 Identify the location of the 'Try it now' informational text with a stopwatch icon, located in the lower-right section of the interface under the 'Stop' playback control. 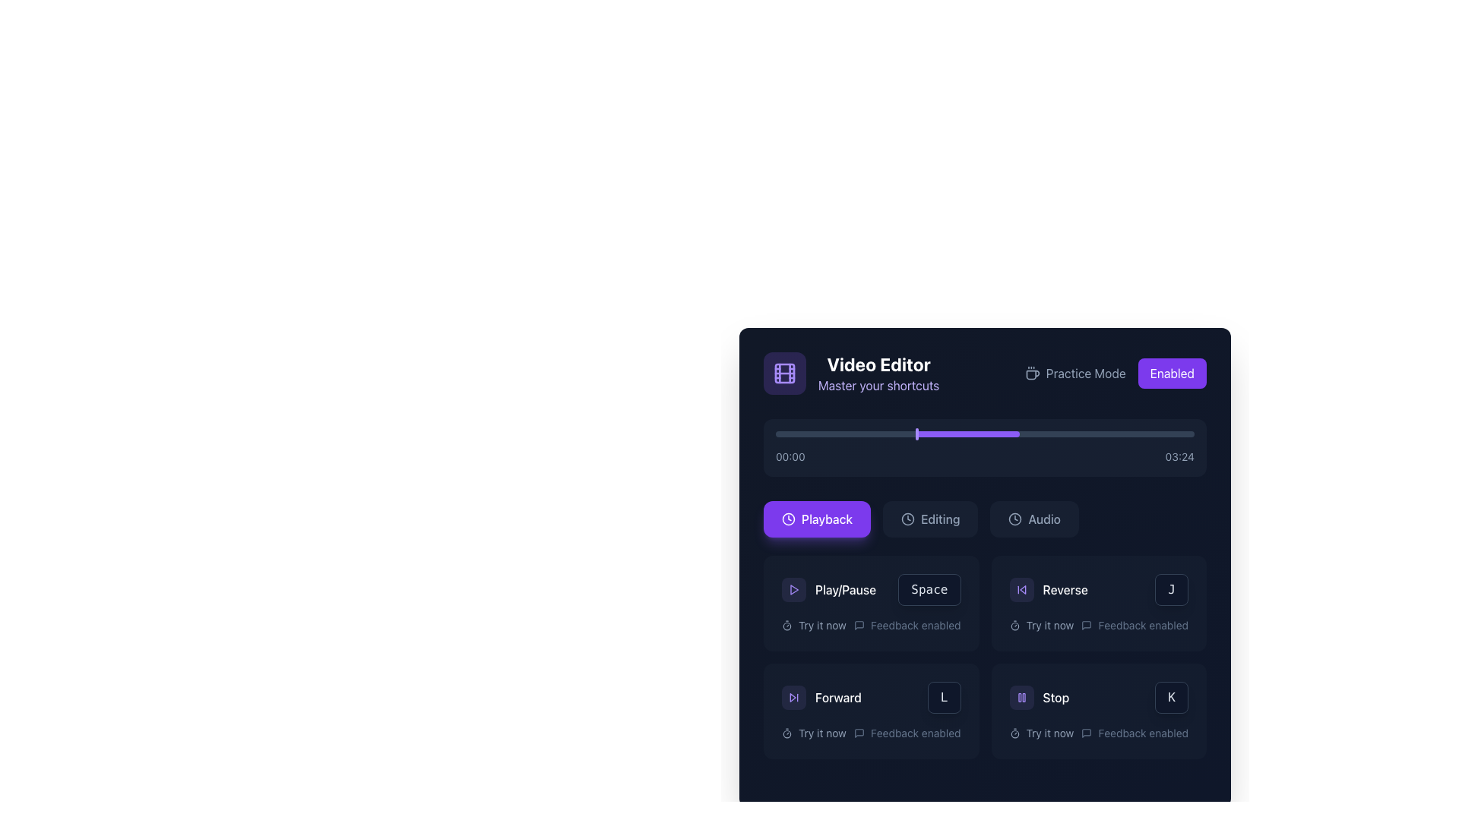
(1040, 732).